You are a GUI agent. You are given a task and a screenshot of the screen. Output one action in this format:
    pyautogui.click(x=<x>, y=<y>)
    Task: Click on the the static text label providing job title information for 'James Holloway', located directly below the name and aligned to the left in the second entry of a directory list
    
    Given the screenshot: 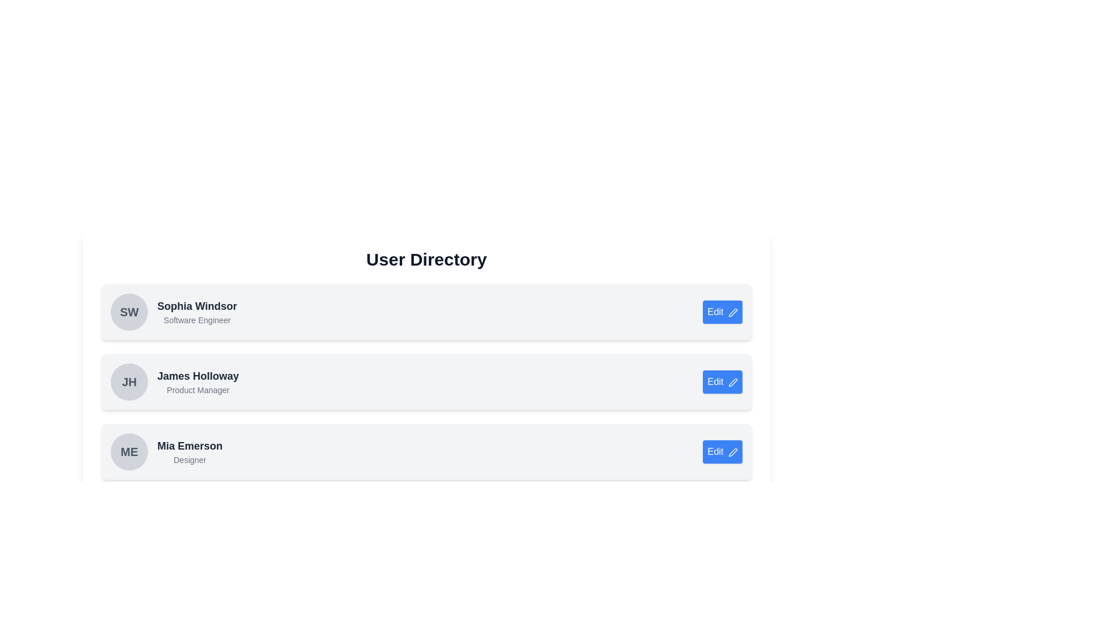 What is the action you would take?
    pyautogui.click(x=198, y=390)
    